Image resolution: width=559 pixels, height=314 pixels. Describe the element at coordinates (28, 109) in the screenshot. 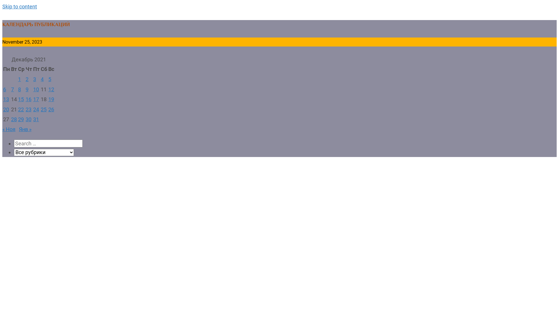

I see `'23'` at that location.